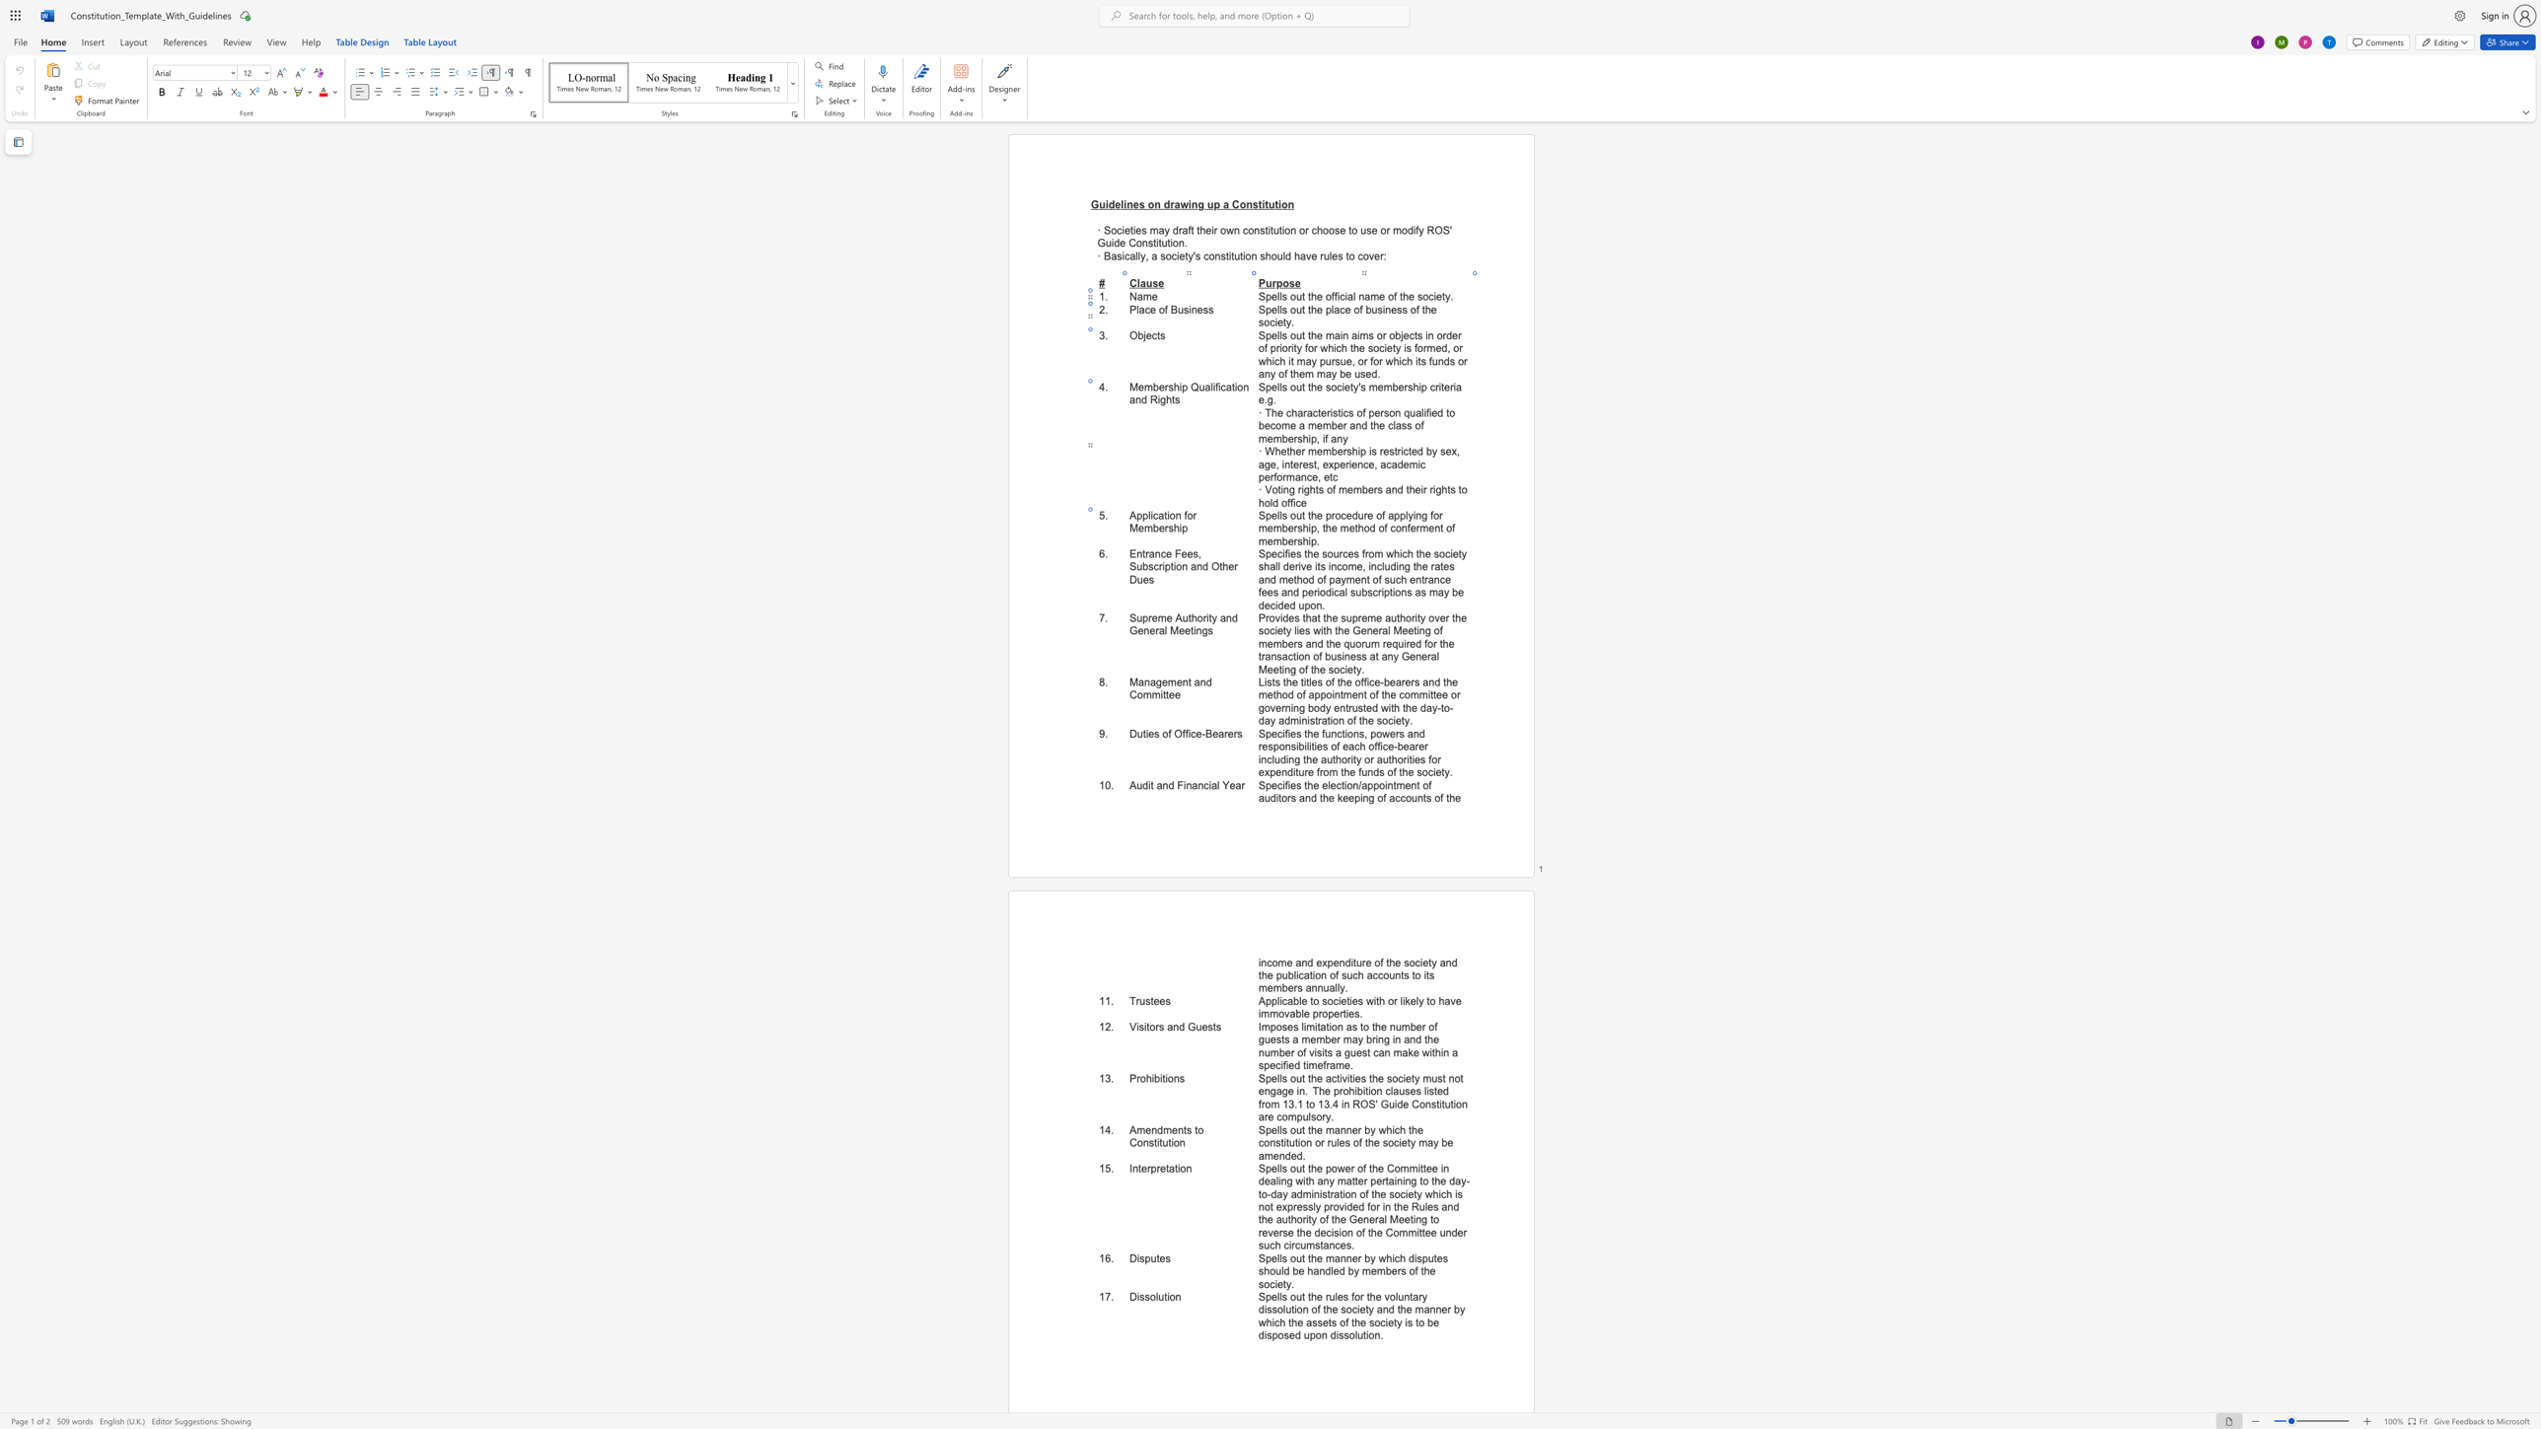  Describe the element at coordinates (1229, 566) in the screenshot. I see `the 4th character "e" in the text` at that location.